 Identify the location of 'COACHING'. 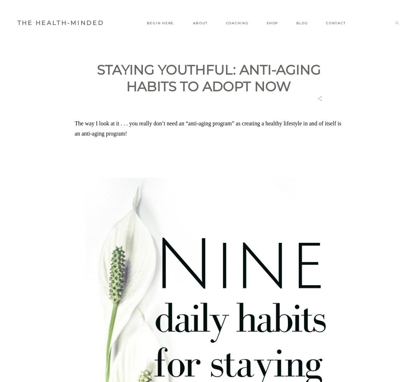
(225, 22).